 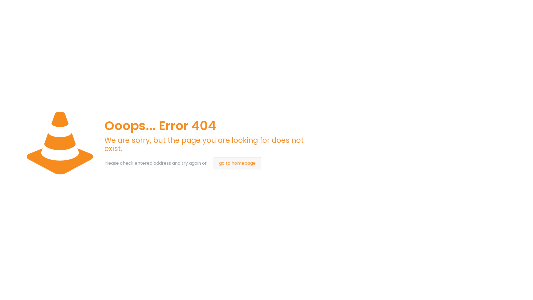 What do you see at coordinates (237, 163) in the screenshot?
I see `'go to homepage'` at bounding box center [237, 163].